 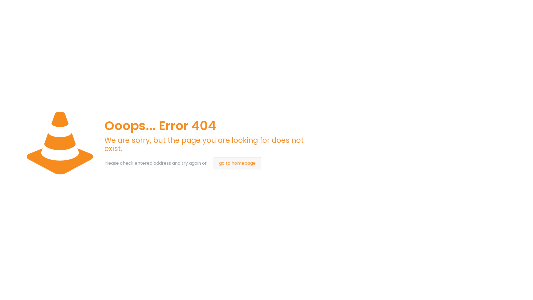 What do you see at coordinates (237, 163) in the screenshot?
I see `'go to homepage'` at bounding box center [237, 163].